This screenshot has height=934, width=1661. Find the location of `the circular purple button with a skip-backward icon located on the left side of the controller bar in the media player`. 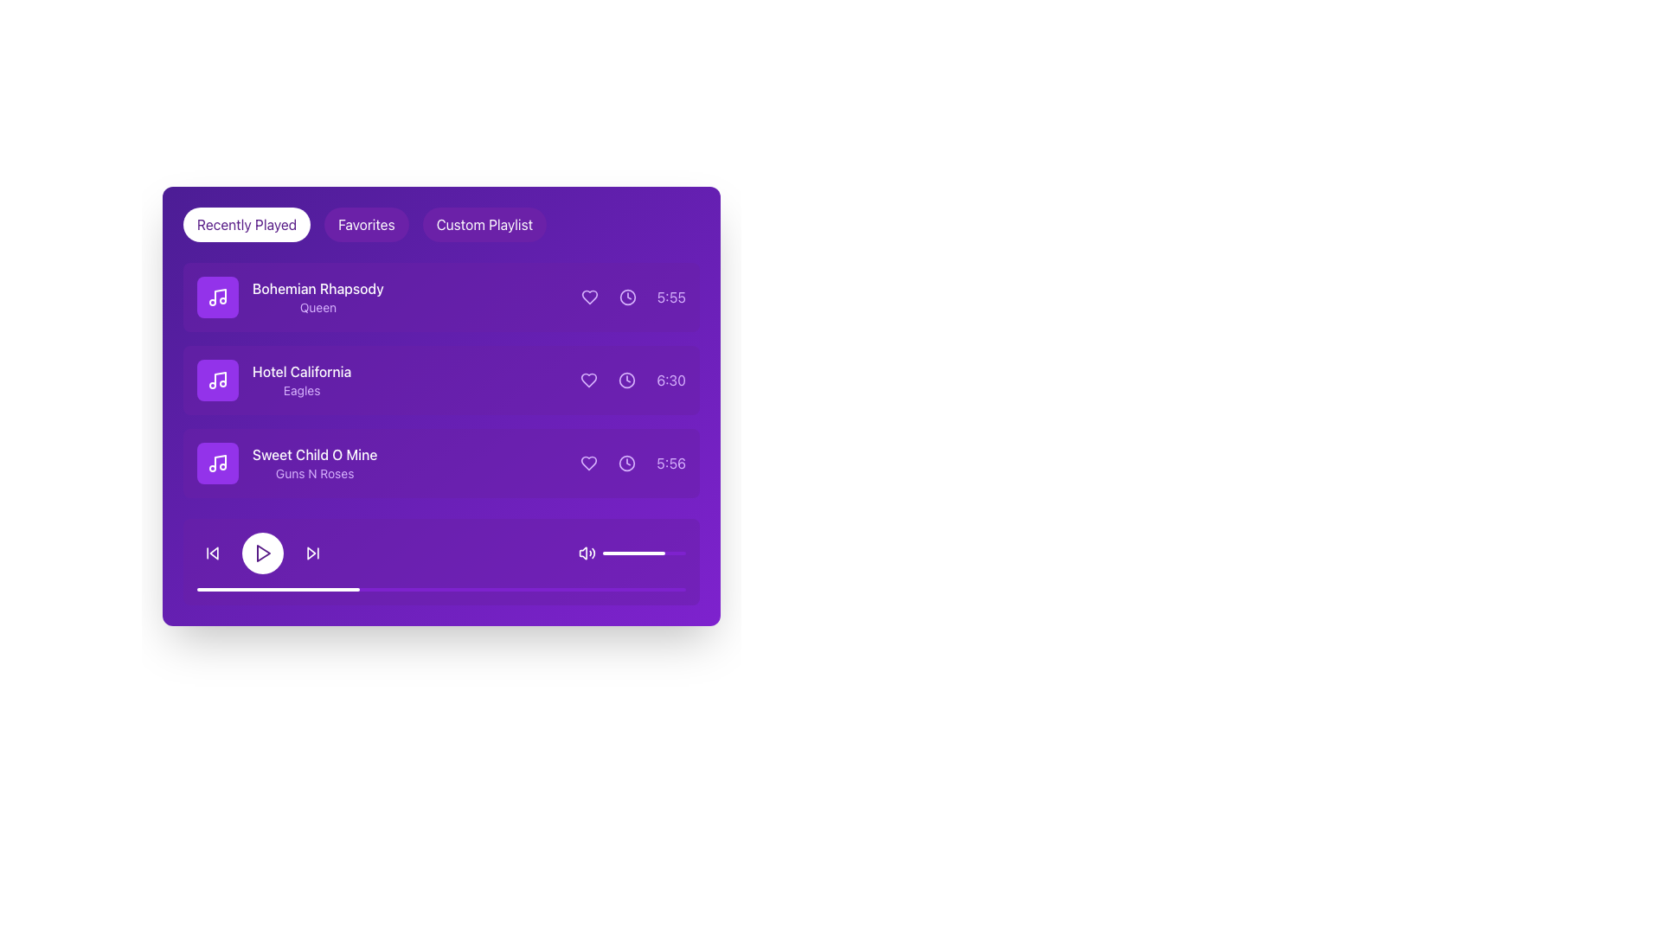

the circular purple button with a skip-backward icon located on the left side of the controller bar in the media player is located at coordinates (211, 553).